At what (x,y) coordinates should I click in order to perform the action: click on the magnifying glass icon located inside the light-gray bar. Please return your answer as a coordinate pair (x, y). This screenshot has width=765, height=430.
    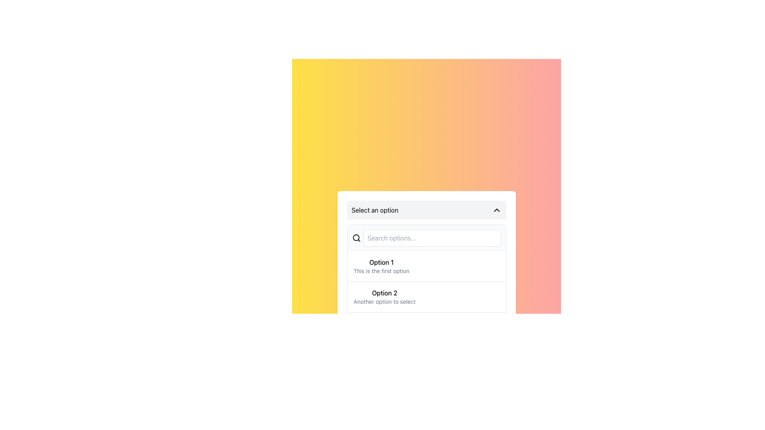
    Looking at the image, I should click on (356, 237).